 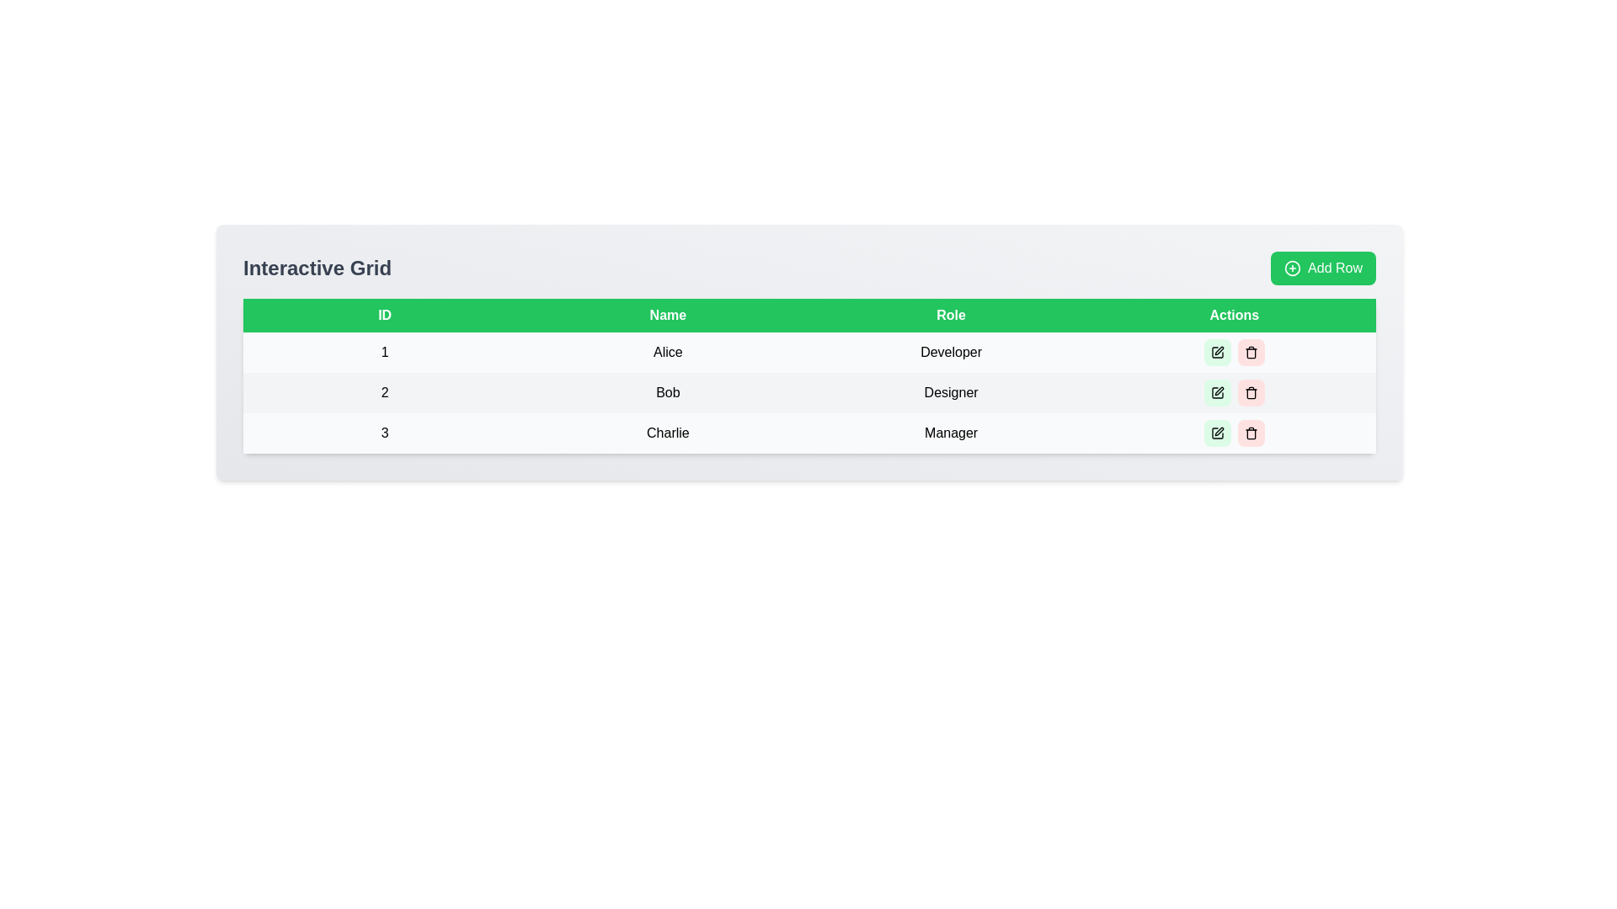 I want to click on the third row of the interactive table containing the details for 'Charlie', the Manager, so click(x=809, y=433).